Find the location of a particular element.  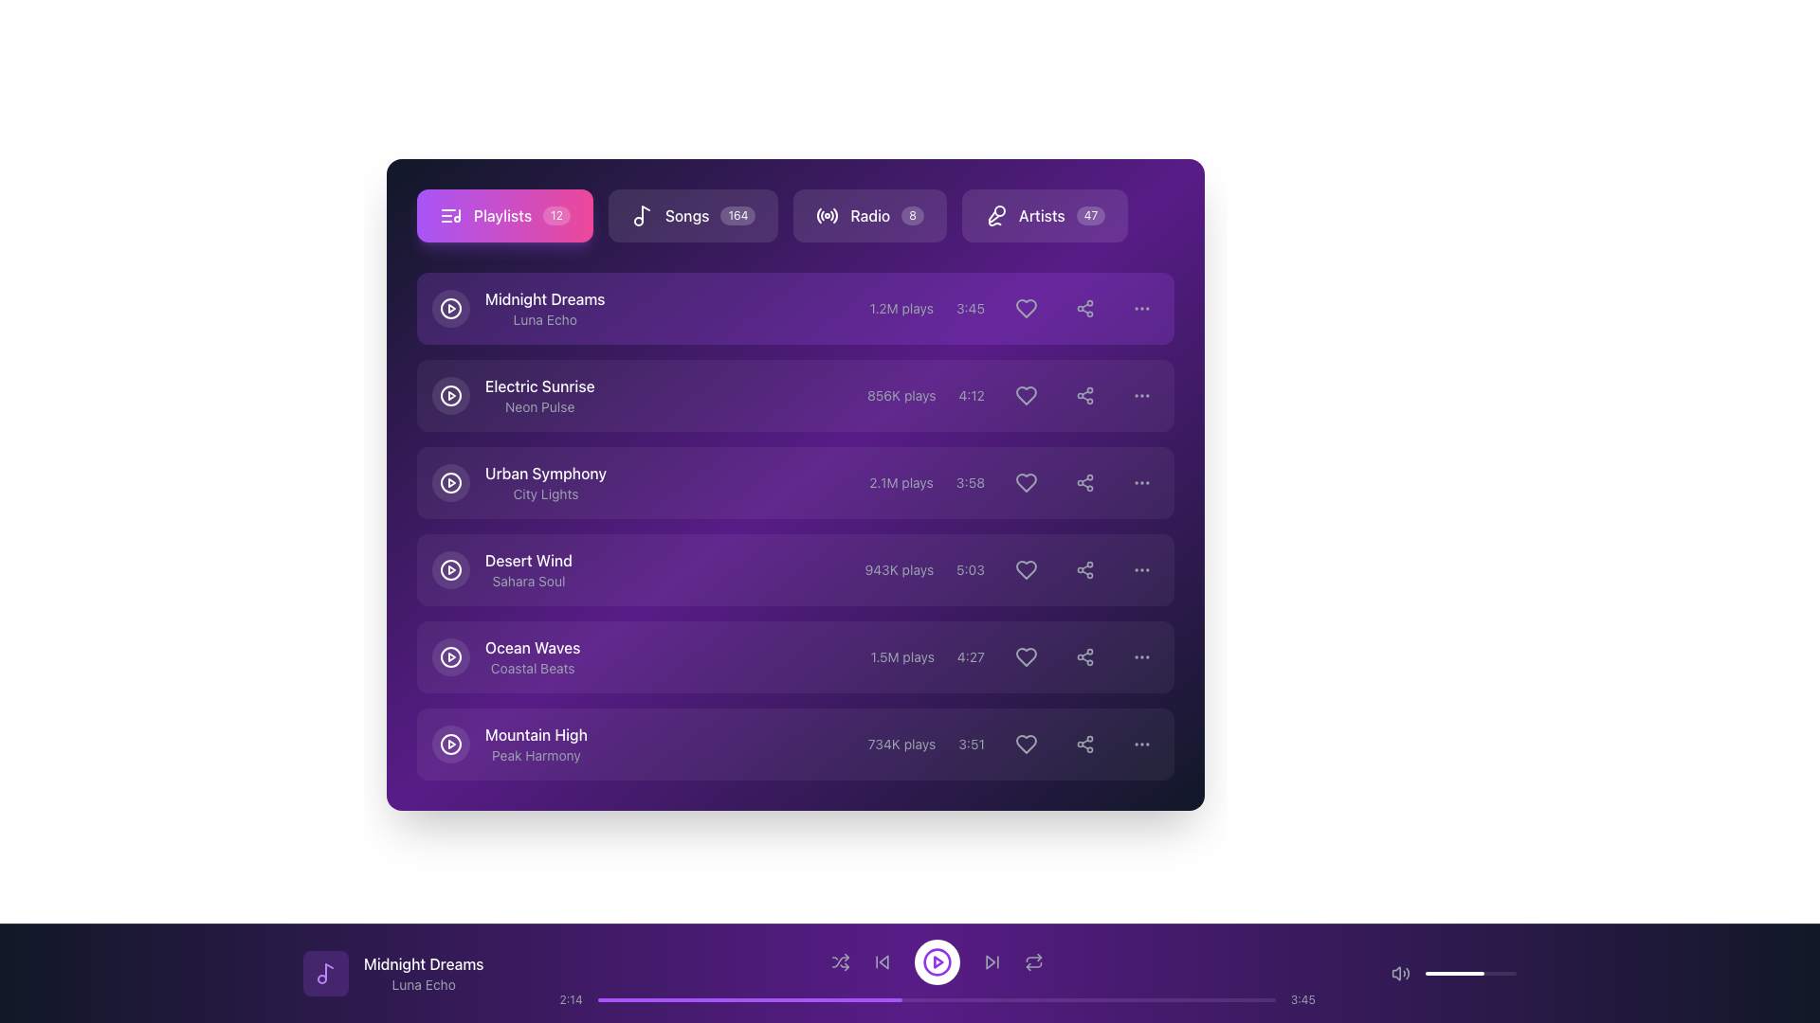

the text label displaying the timestamp '4:27' located in the fifth row of the playlist panel, positioned between the play count '1.5M plays' and a heart-shaped icon is located at coordinates (971, 656).